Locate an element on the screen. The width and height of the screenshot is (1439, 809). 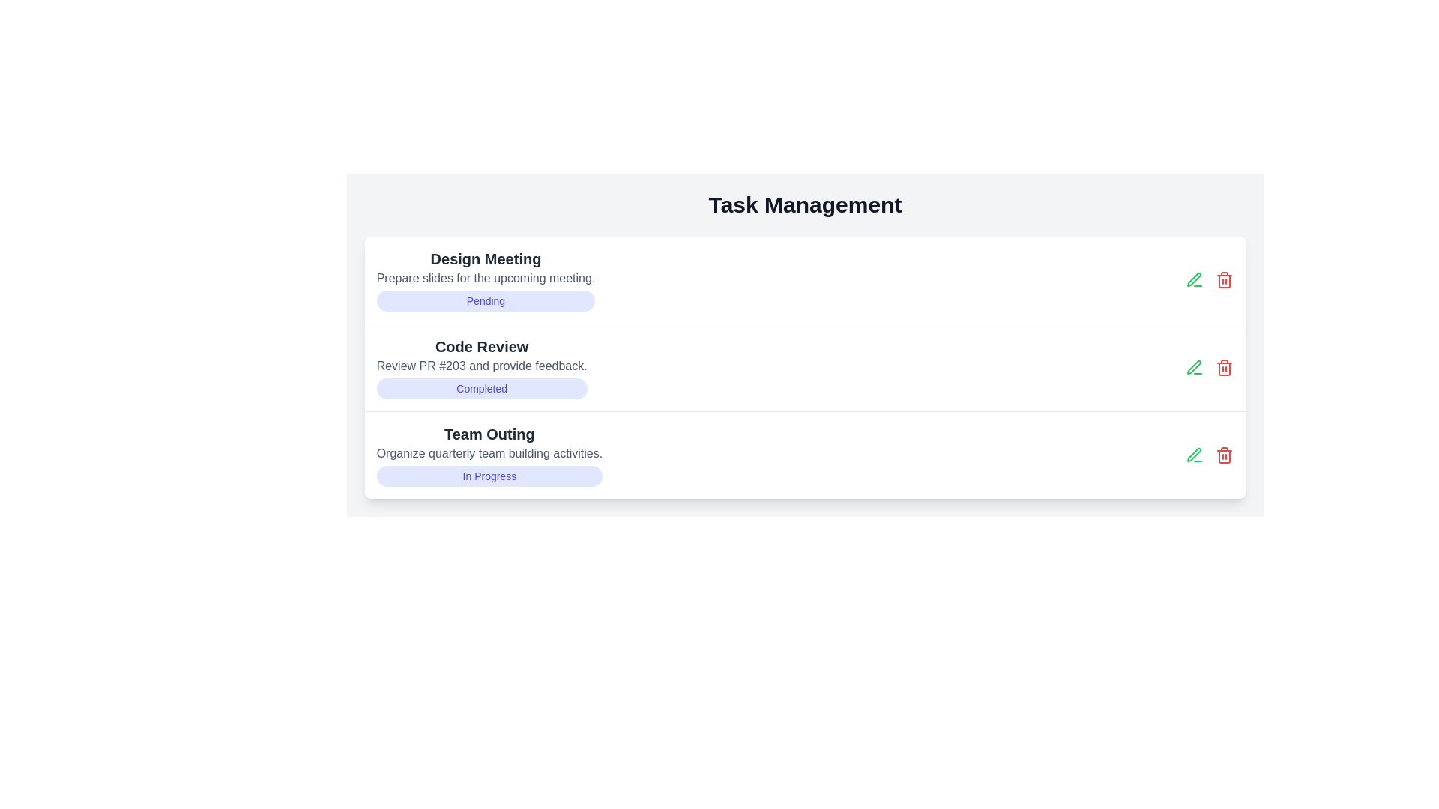
the delete button, which is the second interactive element in the horizontal group, positioned at the far right of the 'Team Outing' task is located at coordinates (1225, 455).